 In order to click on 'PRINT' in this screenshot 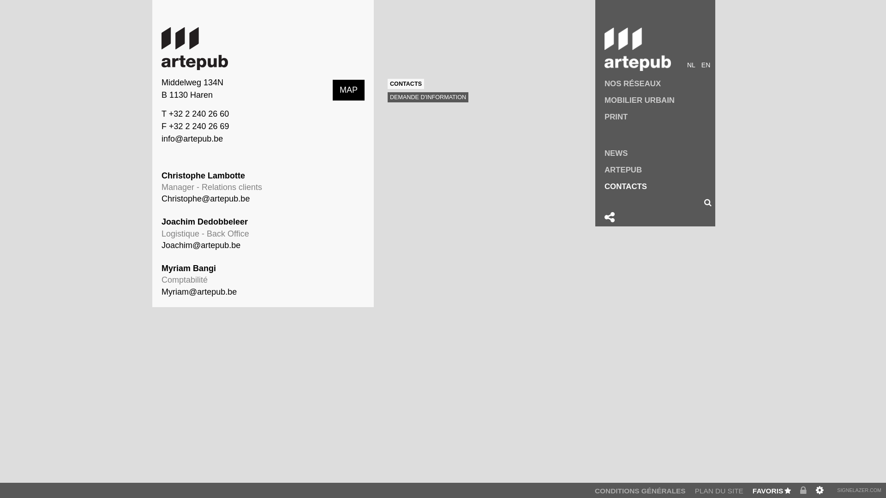, I will do `click(659, 116)`.